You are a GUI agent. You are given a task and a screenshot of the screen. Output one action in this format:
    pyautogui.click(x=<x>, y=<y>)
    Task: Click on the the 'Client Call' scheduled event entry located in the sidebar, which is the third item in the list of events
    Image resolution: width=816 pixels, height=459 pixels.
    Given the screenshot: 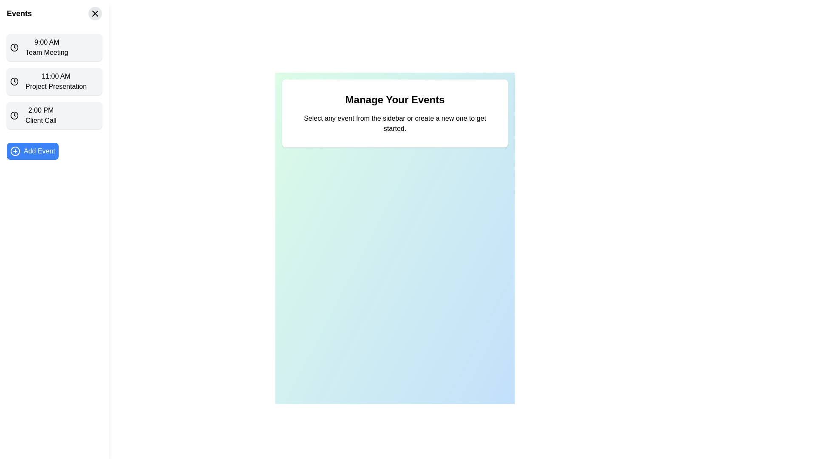 What is the action you would take?
    pyautogui.click(x=40, y=116)
    